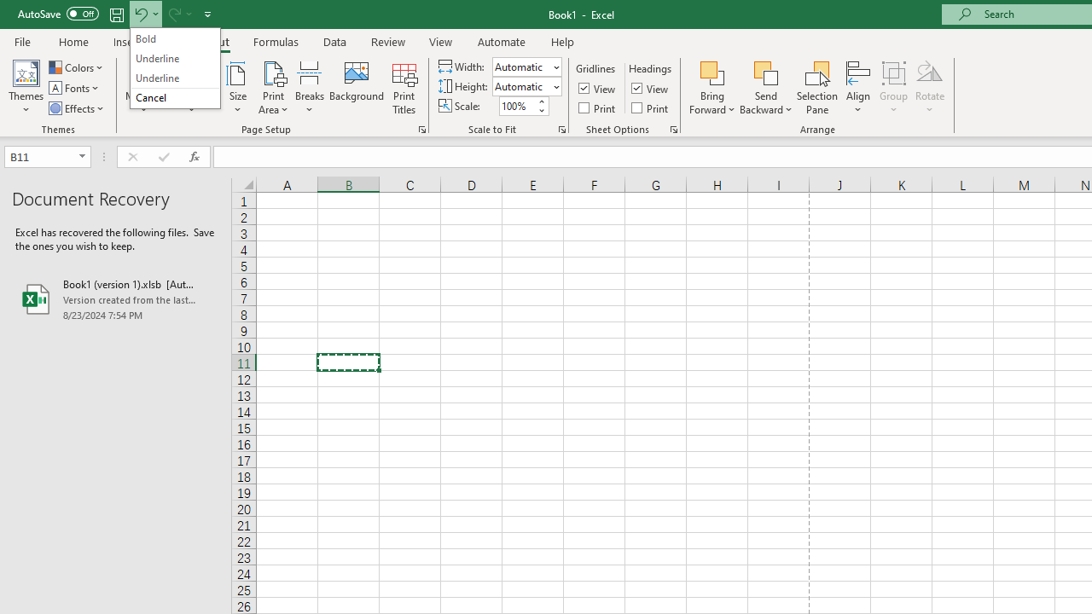  I want to click on 'Background...', so click(356, 88).